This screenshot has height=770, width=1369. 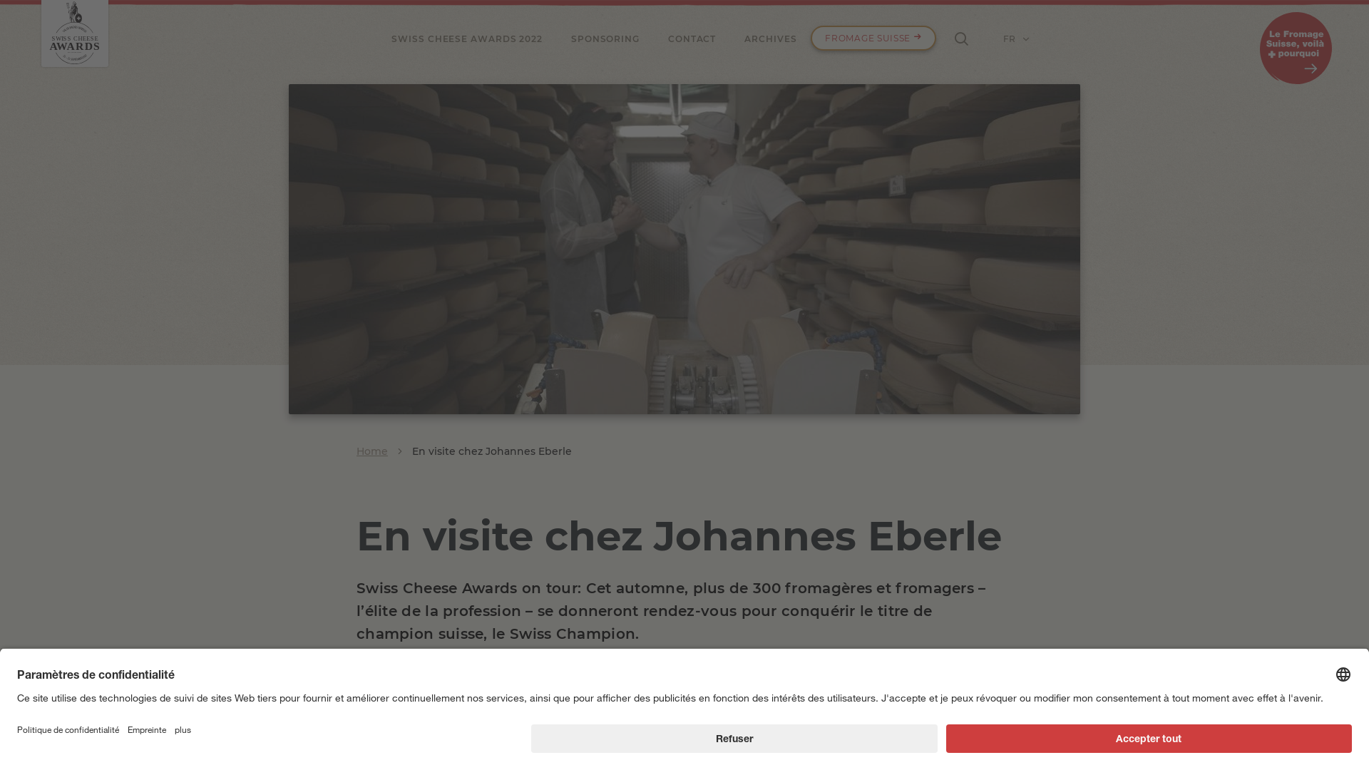 What do you see at coordinates (769, 38) in the screenshot?
I see `'ARCHIVES'` at bounding box center [769, 38].